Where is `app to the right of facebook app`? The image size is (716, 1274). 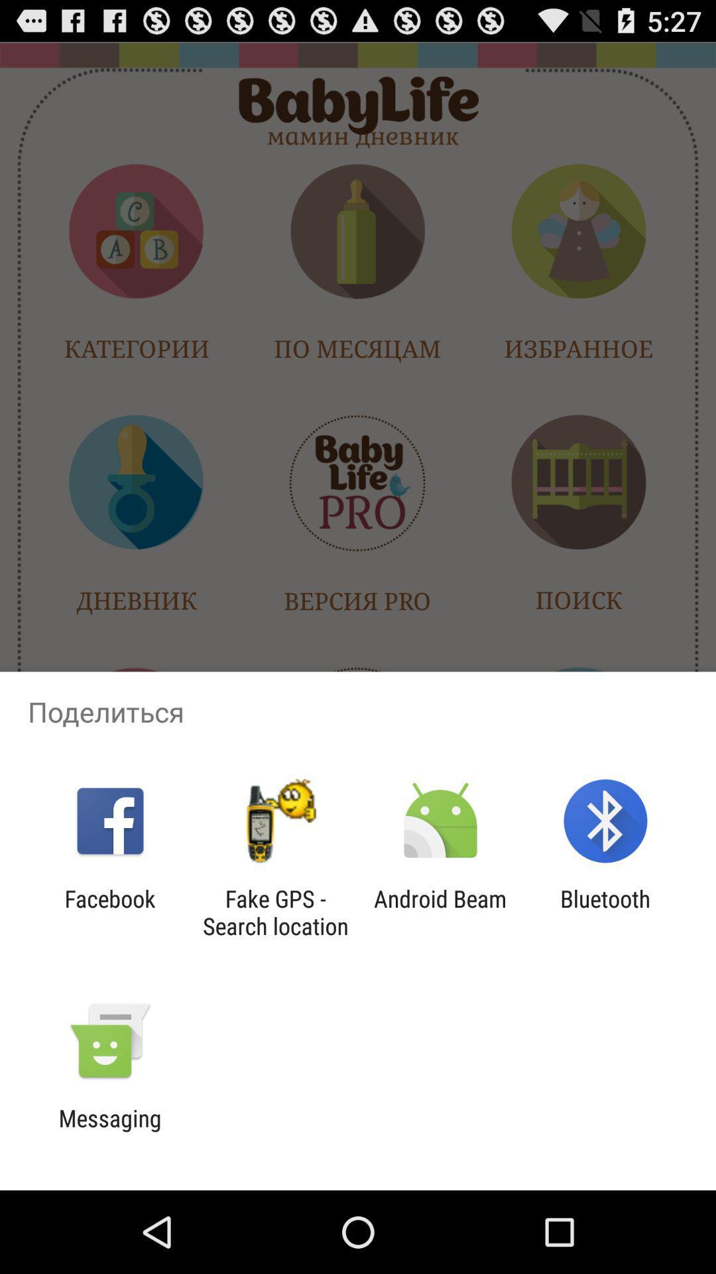
app to the right of facebook app is located at coordinates (274, 912).